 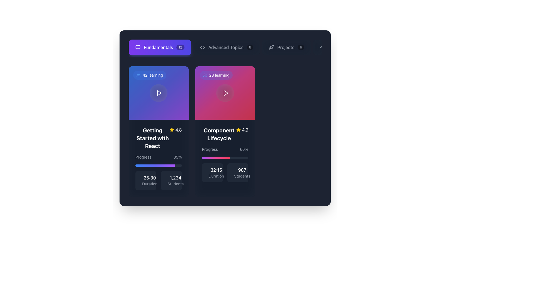 I want to click on the progress bar located in the 'Getting Started with React' section, so click(x=158, y=160).